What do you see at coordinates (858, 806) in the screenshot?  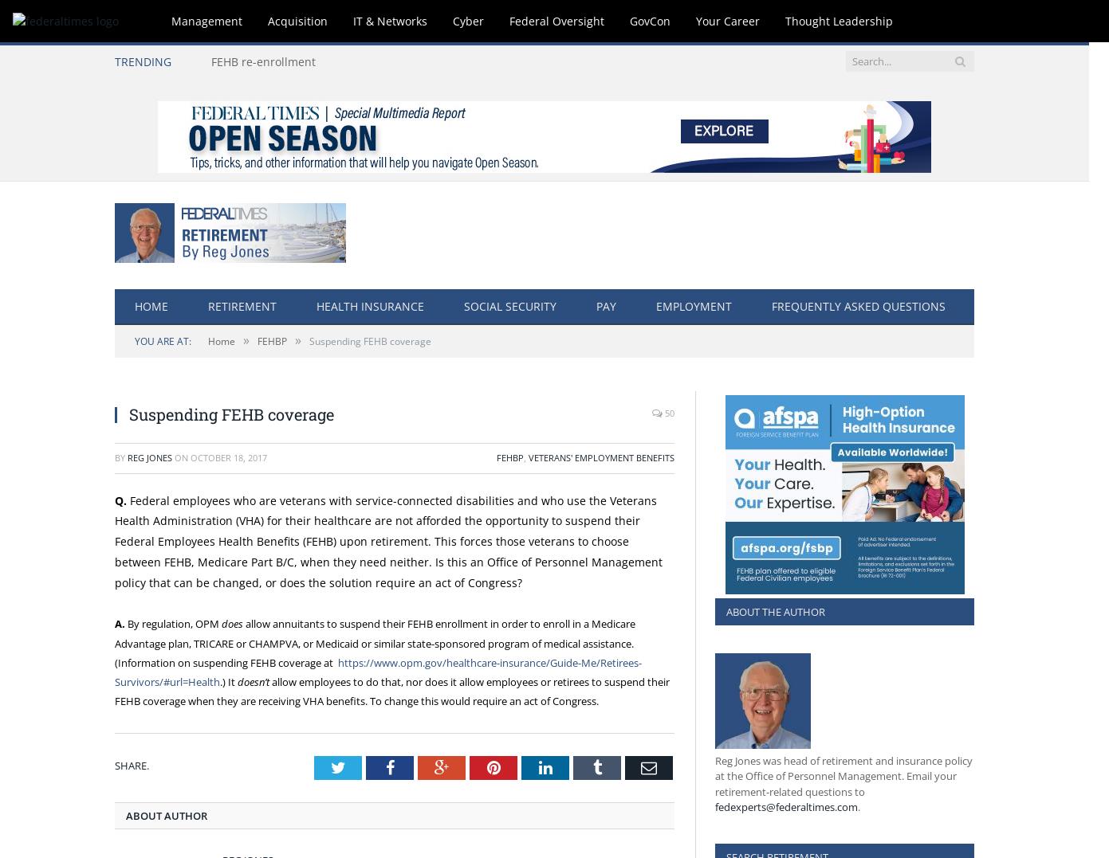 I see `'.'` at bounding box center [858, 806].